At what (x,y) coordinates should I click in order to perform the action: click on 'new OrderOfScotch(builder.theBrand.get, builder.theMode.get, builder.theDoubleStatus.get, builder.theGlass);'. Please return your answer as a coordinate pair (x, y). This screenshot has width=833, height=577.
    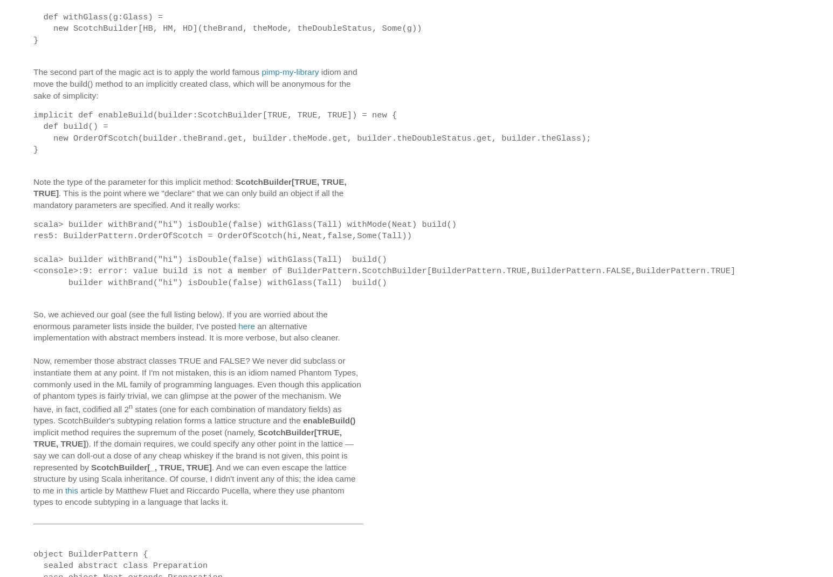
    Looking at the image, I should click on (312, 137).